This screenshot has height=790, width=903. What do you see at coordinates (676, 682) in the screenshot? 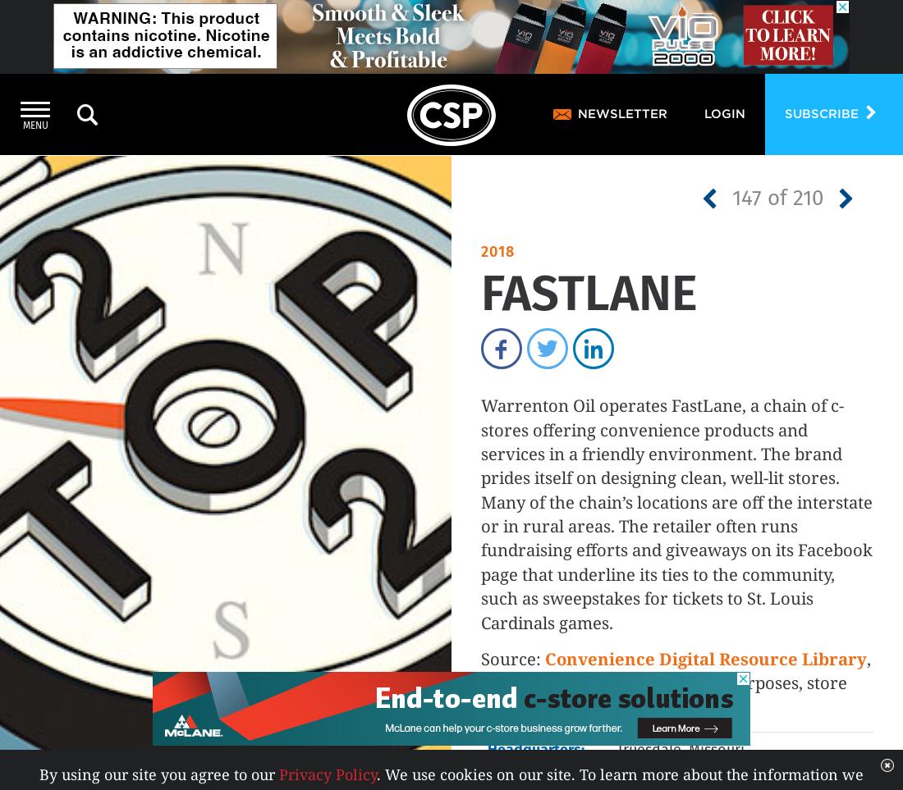
I see `', Technomic. For benchmarking purposes, store counts are year-end 2017.'` at bounding box center [676, 682].